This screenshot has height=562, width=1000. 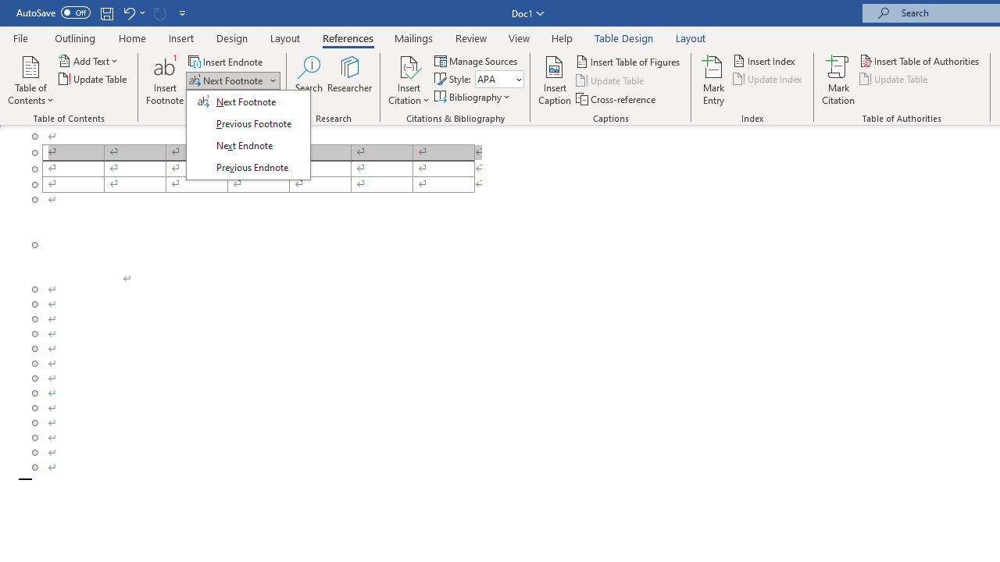 What do you see at coordinates (473, 97) in the screenshot?
I see `'Bibliography'` at bounding box center [473, 97].